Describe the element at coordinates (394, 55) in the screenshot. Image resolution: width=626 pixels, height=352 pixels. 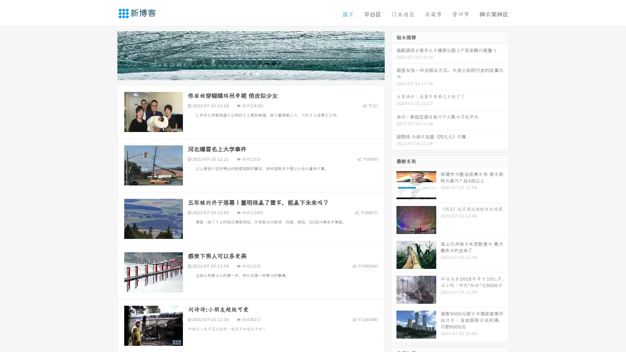
I see `Next slide` at that location.